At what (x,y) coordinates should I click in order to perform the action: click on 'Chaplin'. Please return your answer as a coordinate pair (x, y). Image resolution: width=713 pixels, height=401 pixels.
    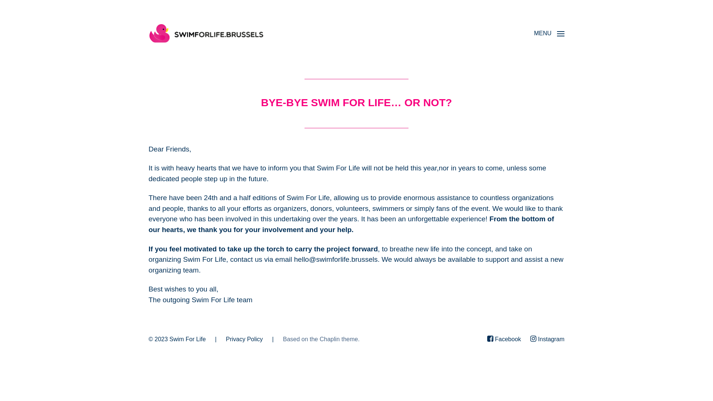
    Looking at the image, I should click on (329, 339).